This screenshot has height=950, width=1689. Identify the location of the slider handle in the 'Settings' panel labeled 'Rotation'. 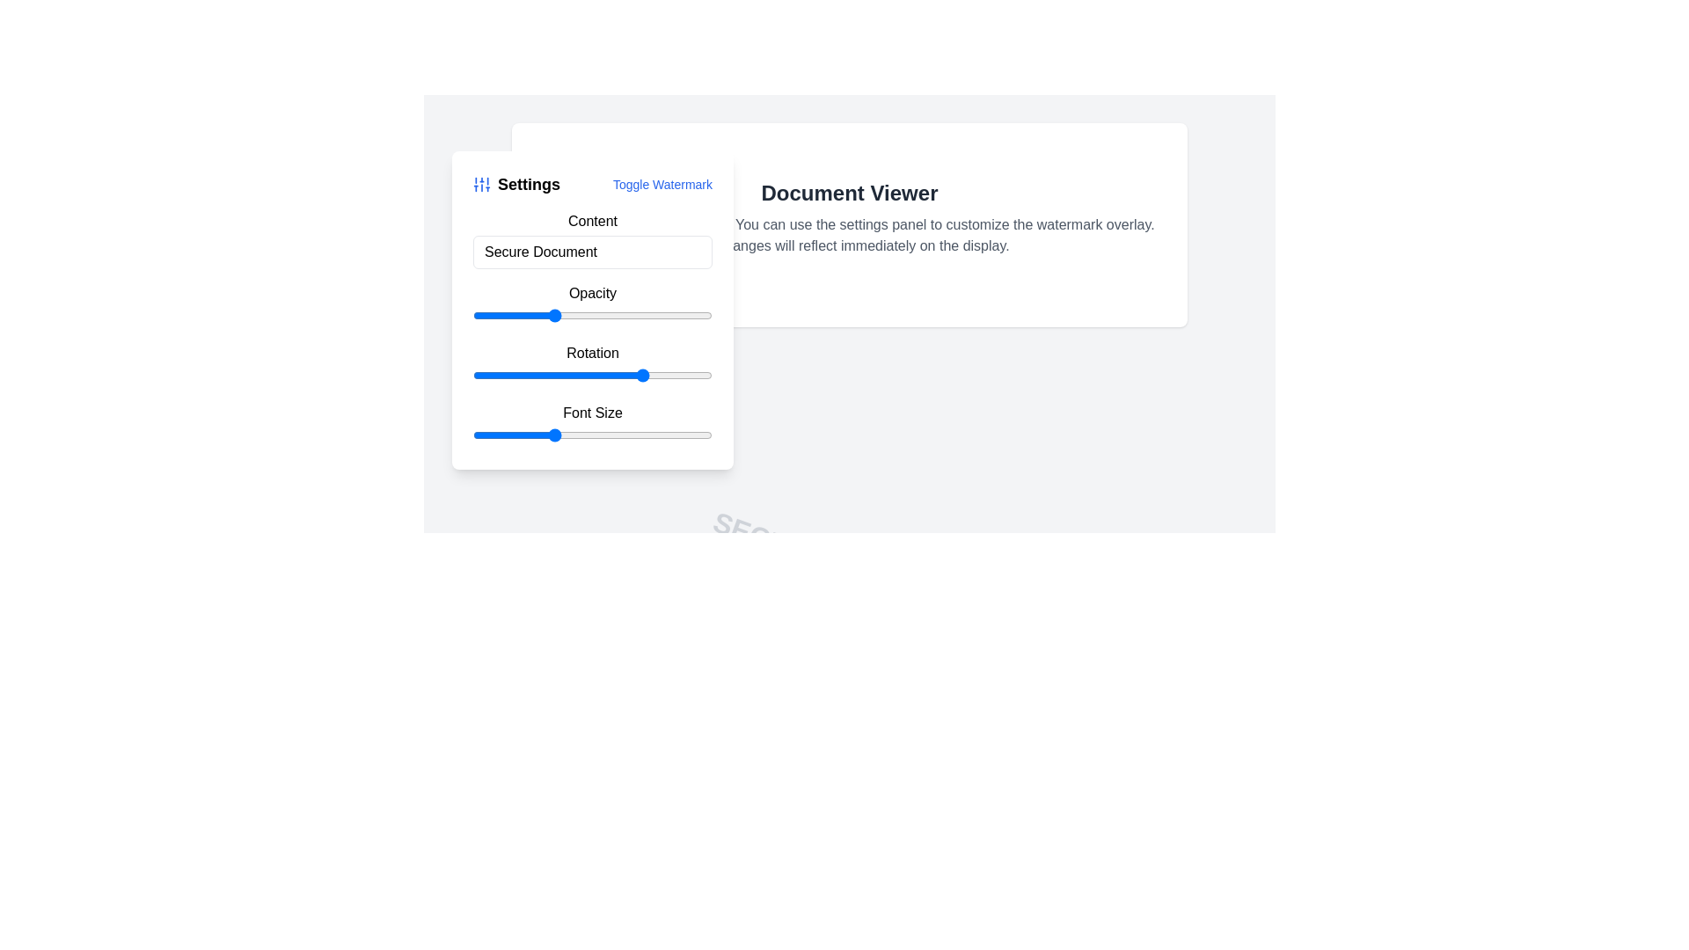
(592, 375).